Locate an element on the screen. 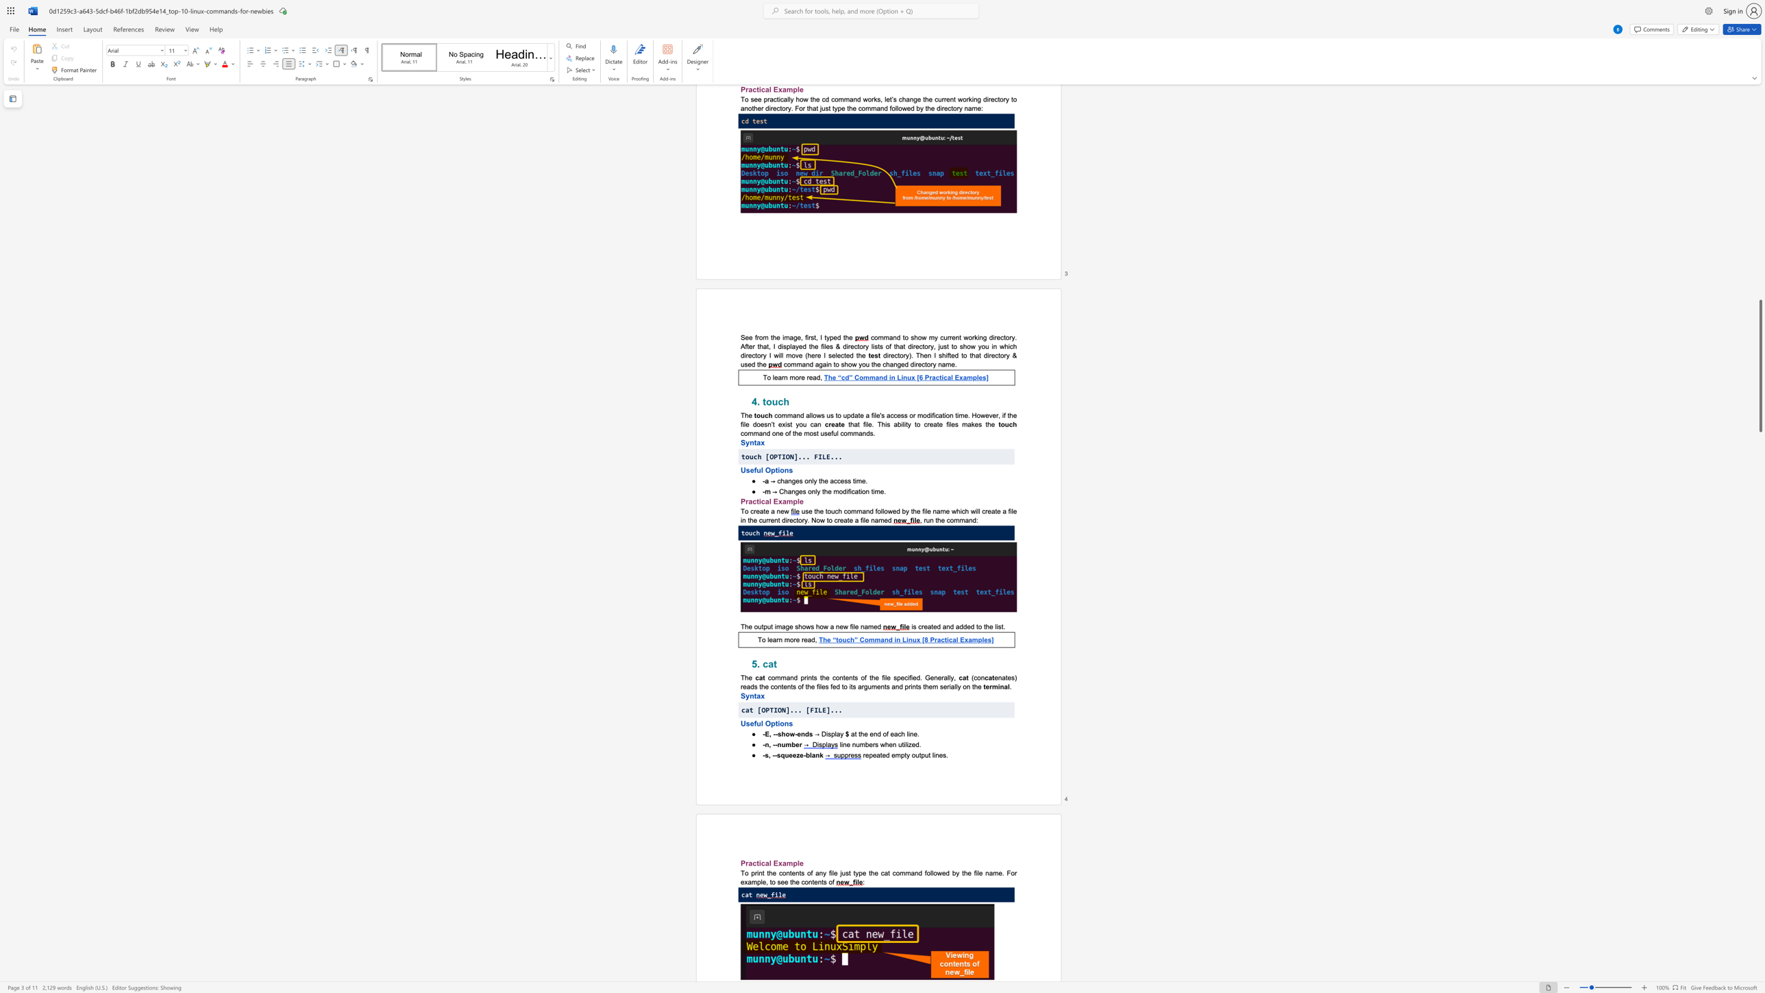 The image size is (1765, 993). the subset text "nd added to the list" within the text "is created and added to the list." is located at coordinates (946, 626).